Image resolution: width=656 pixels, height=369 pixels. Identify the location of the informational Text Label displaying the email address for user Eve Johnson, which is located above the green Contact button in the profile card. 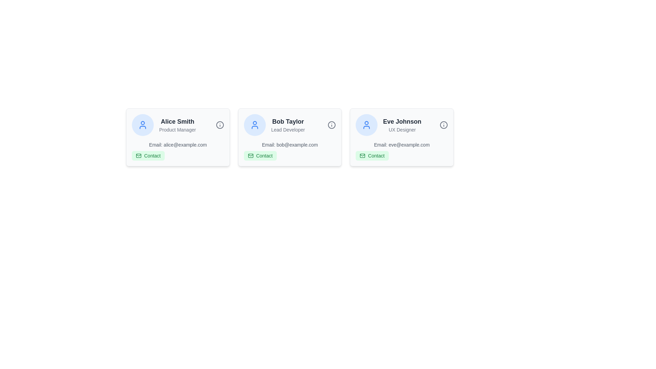
(402, 145).